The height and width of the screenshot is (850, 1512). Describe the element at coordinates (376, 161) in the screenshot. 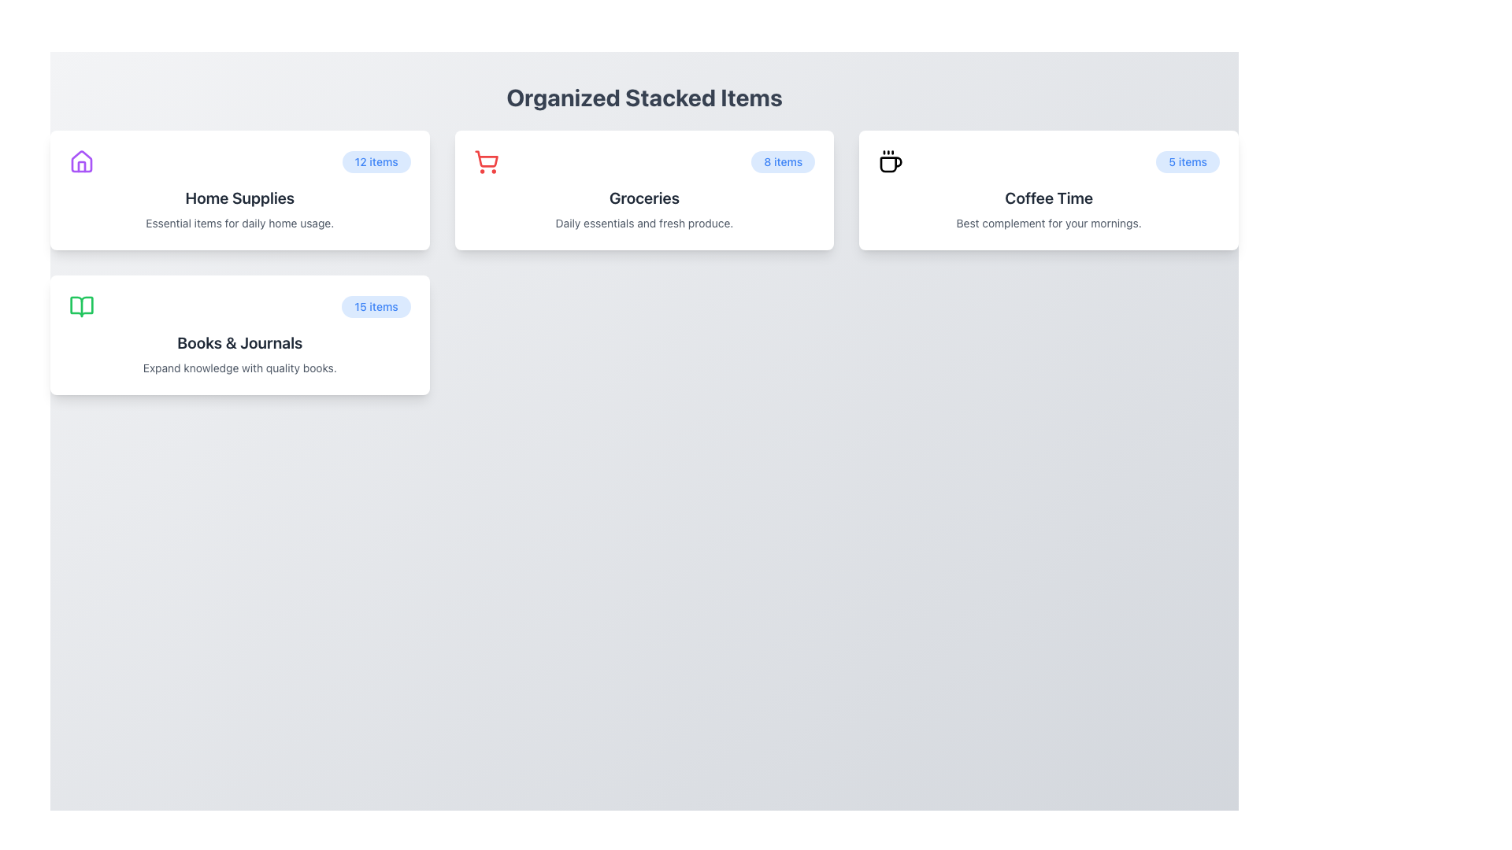

I see `the Text Badge displaying '12 items' located in the upper-right corner of the 'Home Supplies' card` at that location.